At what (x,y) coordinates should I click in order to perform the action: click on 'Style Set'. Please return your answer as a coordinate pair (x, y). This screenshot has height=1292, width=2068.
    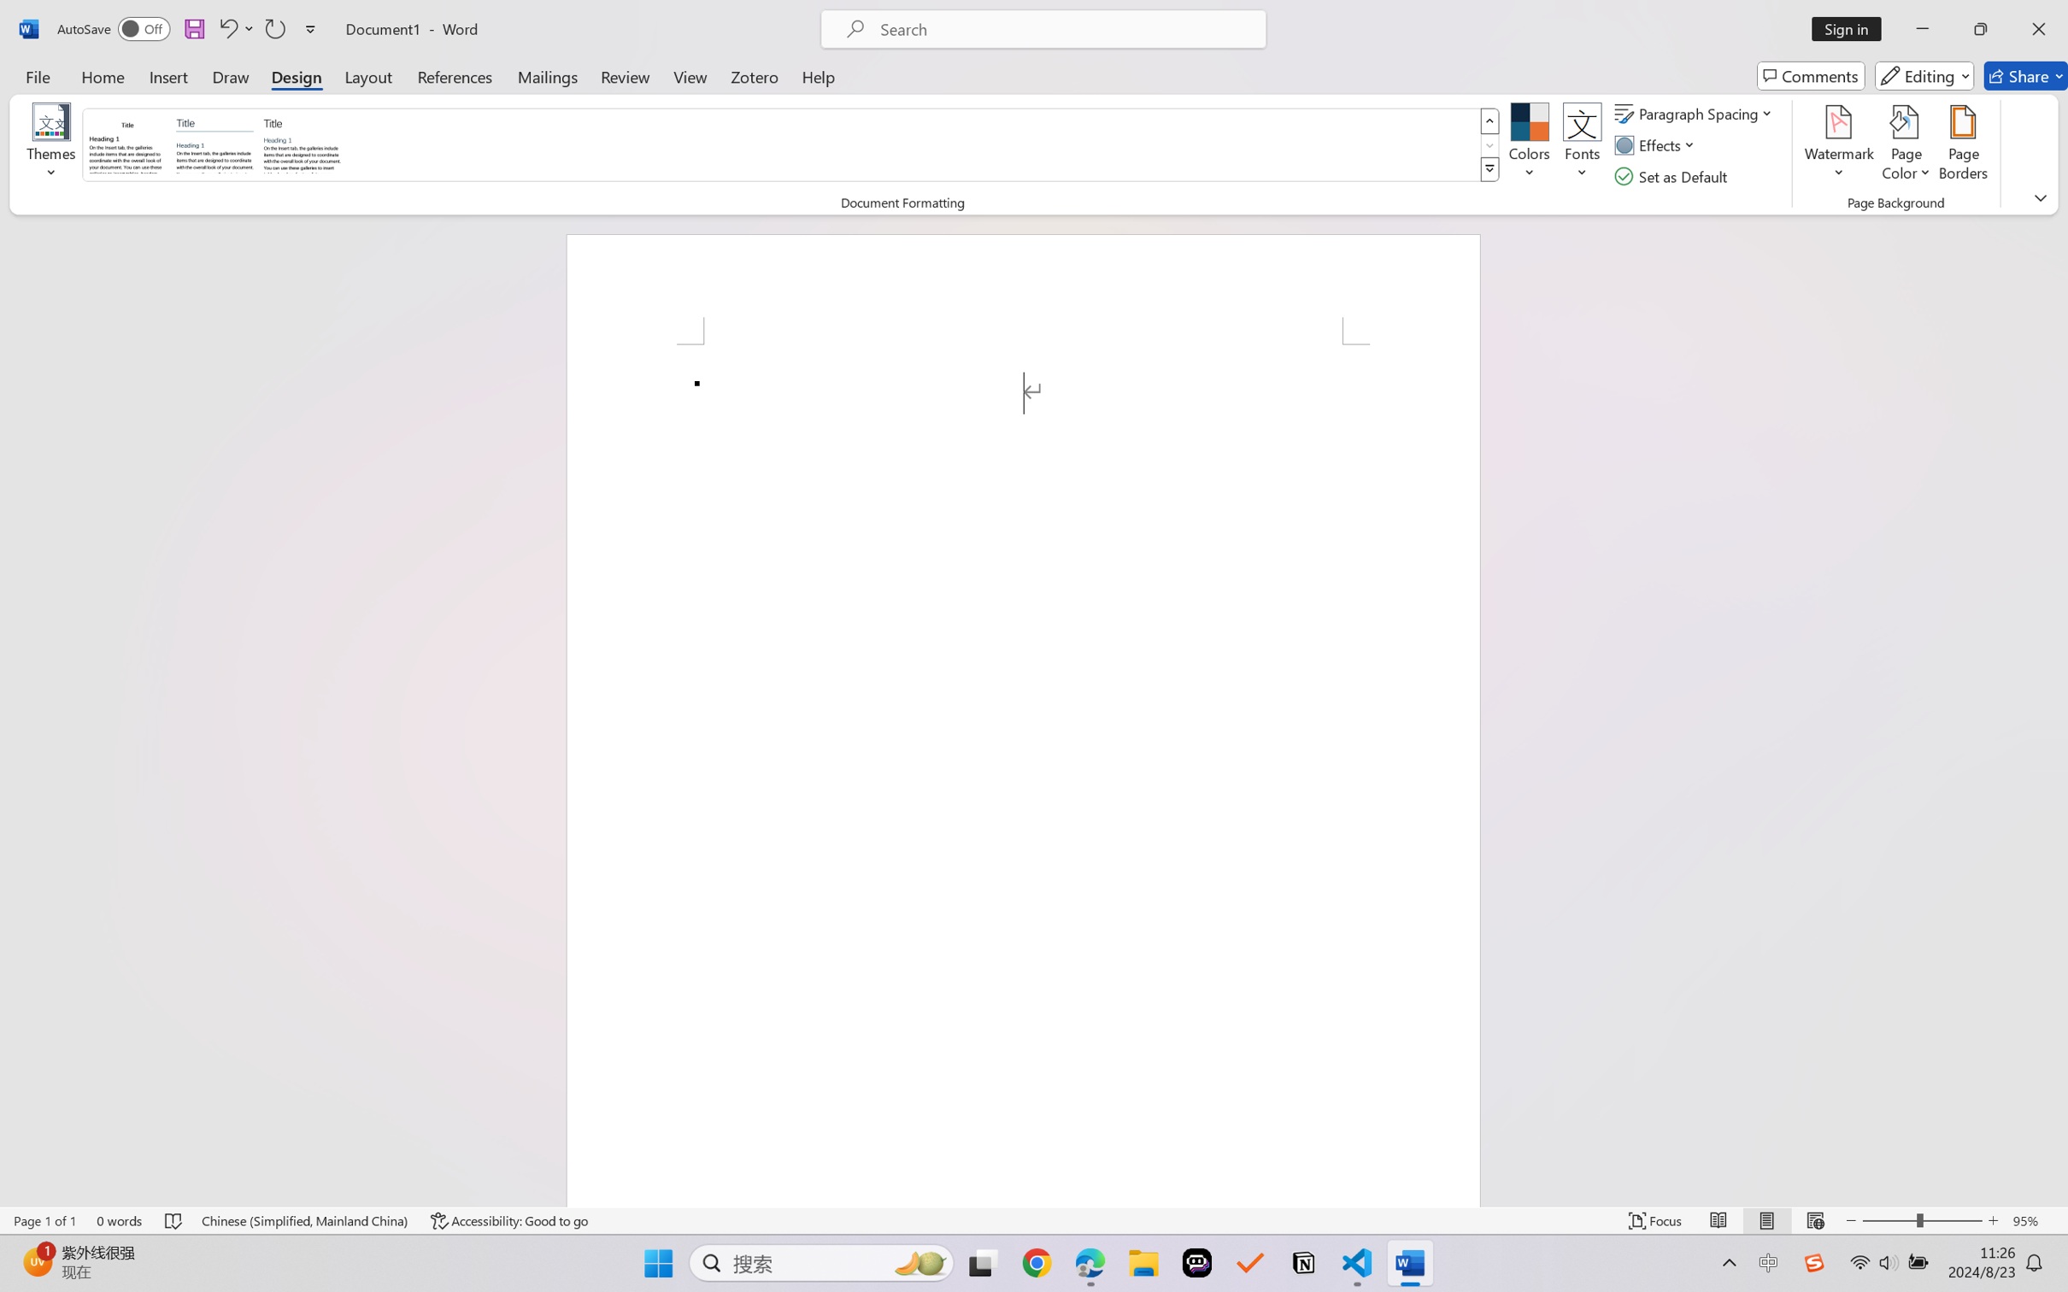
    Looking at the image, I should click on (1489, 169).